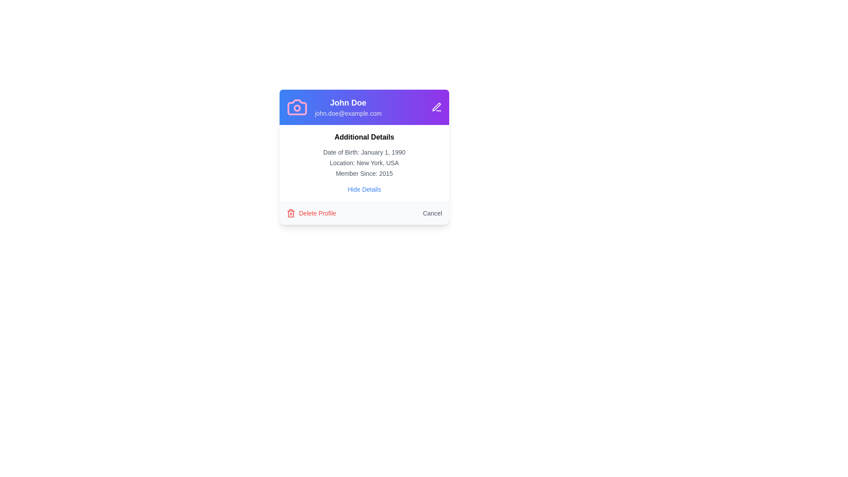 The width and height of the screenshot is (848, 477). Describe the element at coordinates (436, 106) in the screenshot. I see `the edit button icon located in the top right corner of the user details card` at that location.